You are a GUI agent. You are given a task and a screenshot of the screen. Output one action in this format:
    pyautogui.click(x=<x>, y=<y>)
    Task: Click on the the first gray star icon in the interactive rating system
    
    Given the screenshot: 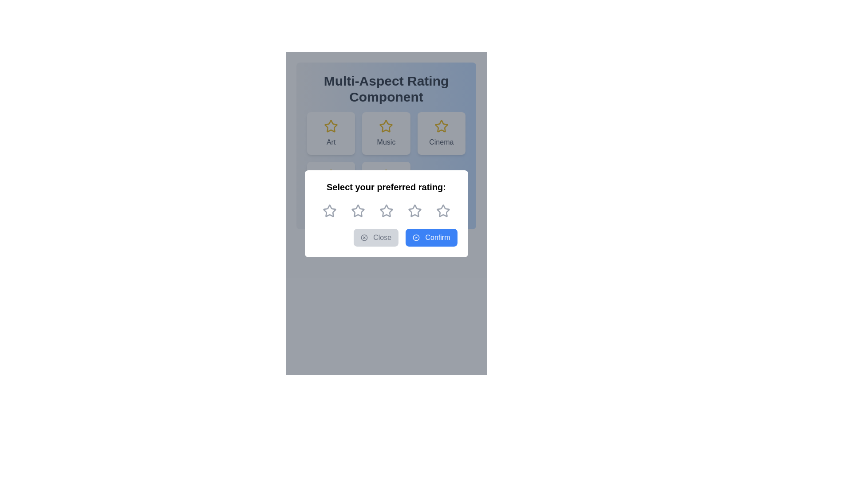 What is the action you would take?
    pyautogui.click(x=329, y=211)
    